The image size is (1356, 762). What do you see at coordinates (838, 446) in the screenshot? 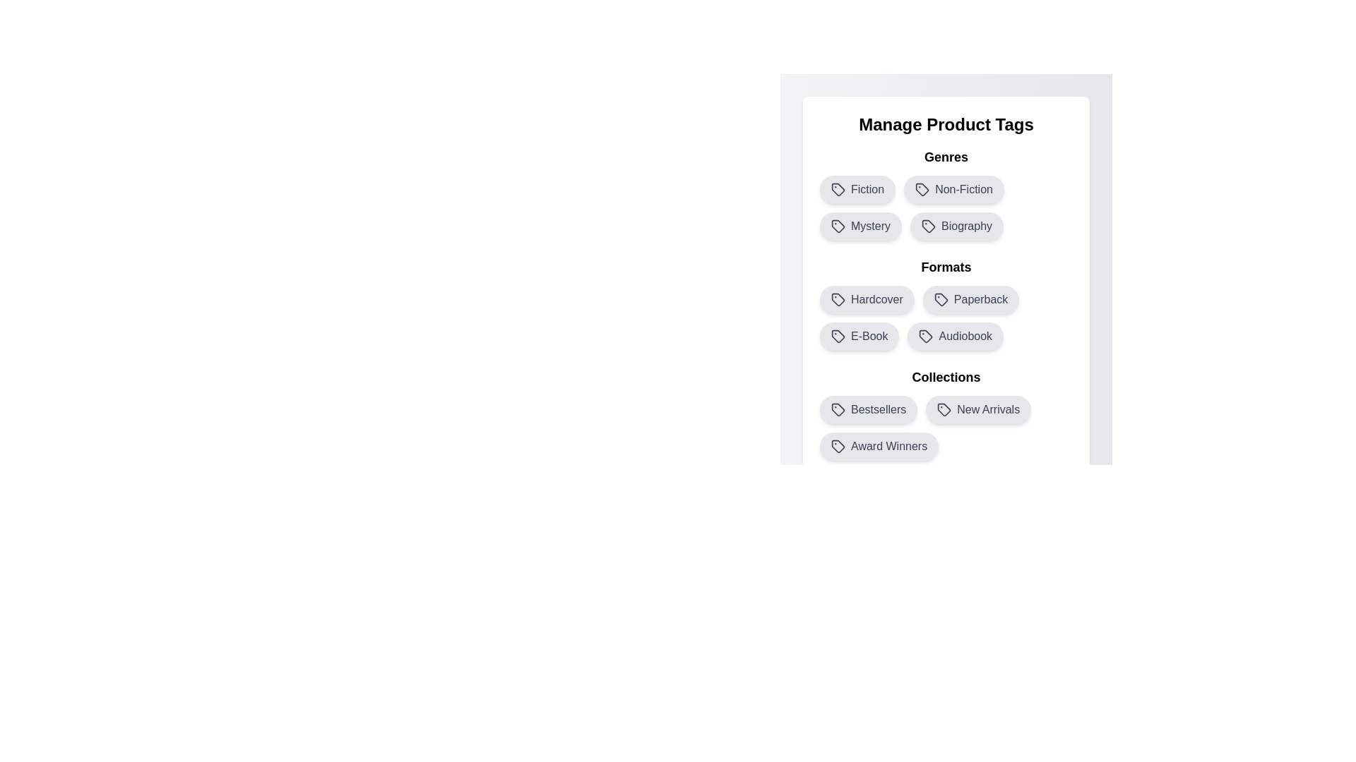
I see `the tag icon located in the collections category, which is below the 'Bestsellers' and 'New Arrivals' tags, and to the left of the 'Award Winners' label` at bounding box center [838, 446].